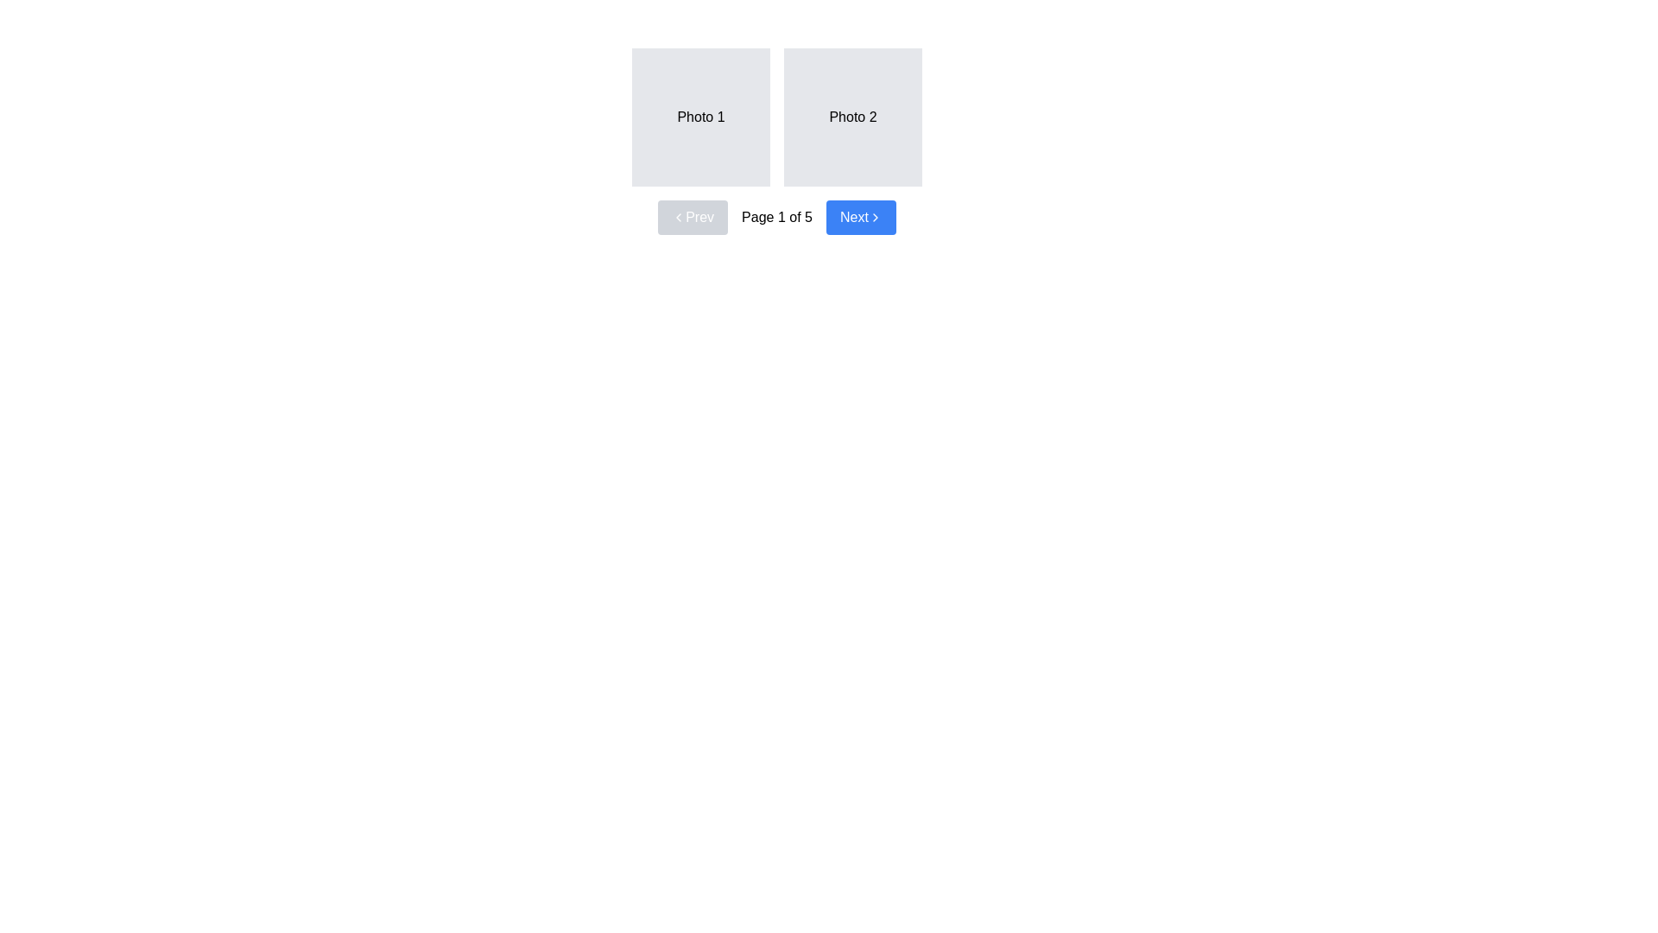 The image size is (1658, 933). I want to click on the 'Photo 1' image placeholder box, which is a light gray square with centered text, so click(700, 117).